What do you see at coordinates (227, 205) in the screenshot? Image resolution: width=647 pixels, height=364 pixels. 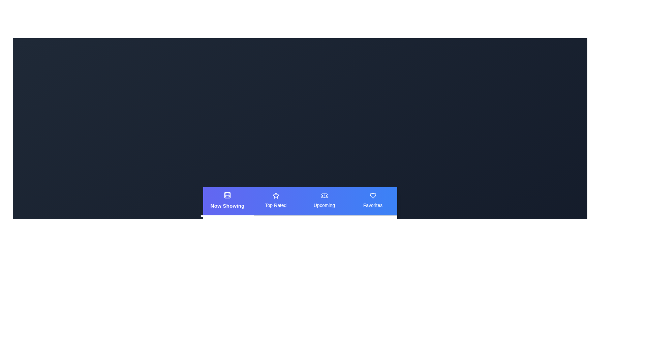 I see `'Now Showing' text label displayed in white, located at the center of the bottom navigation bar, below the film strip icon` at bounding box center [227, 205].